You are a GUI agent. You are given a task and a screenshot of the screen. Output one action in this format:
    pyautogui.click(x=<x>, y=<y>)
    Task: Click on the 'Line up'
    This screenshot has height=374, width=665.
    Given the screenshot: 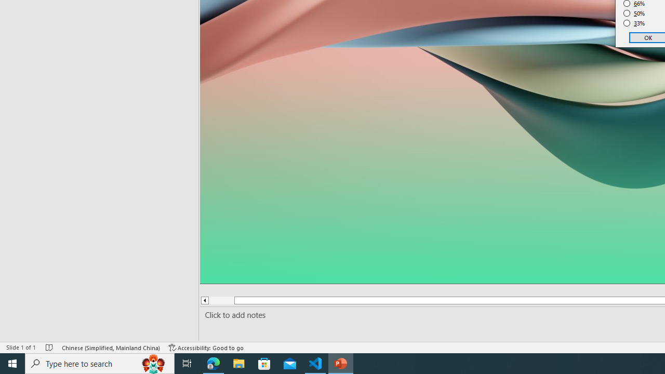 What is the action you would take?
    pyautogui.click(x=204, y=300)
    